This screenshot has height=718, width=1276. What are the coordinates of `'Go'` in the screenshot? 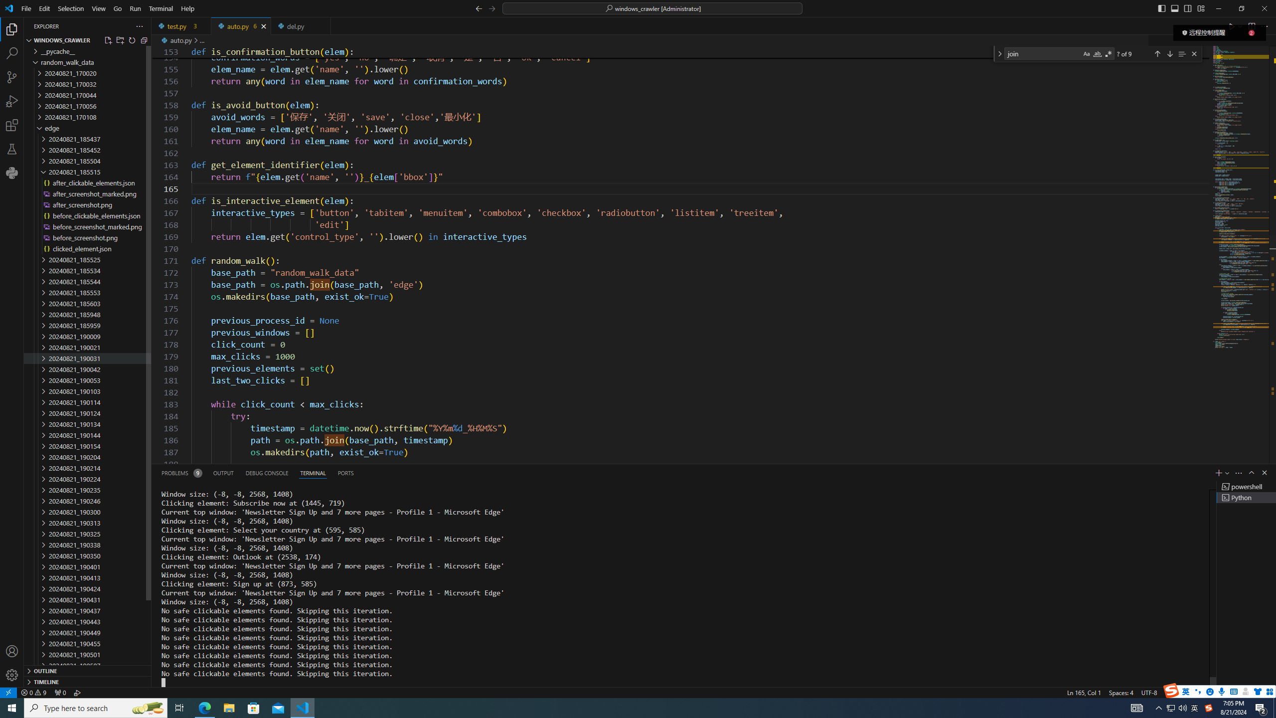 It's located at (118, 8).